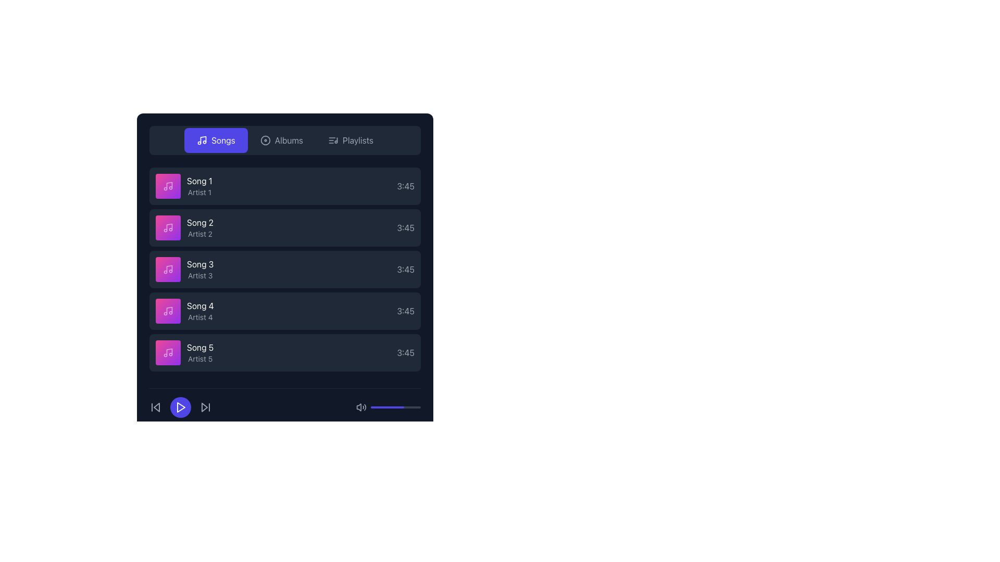 The image size is (1000, 562). Describe the element at coordinates (285, 352) in the screenshot. I see `to select the fifth media item in the vertical list displaying its title, artist, and duration` at that location.